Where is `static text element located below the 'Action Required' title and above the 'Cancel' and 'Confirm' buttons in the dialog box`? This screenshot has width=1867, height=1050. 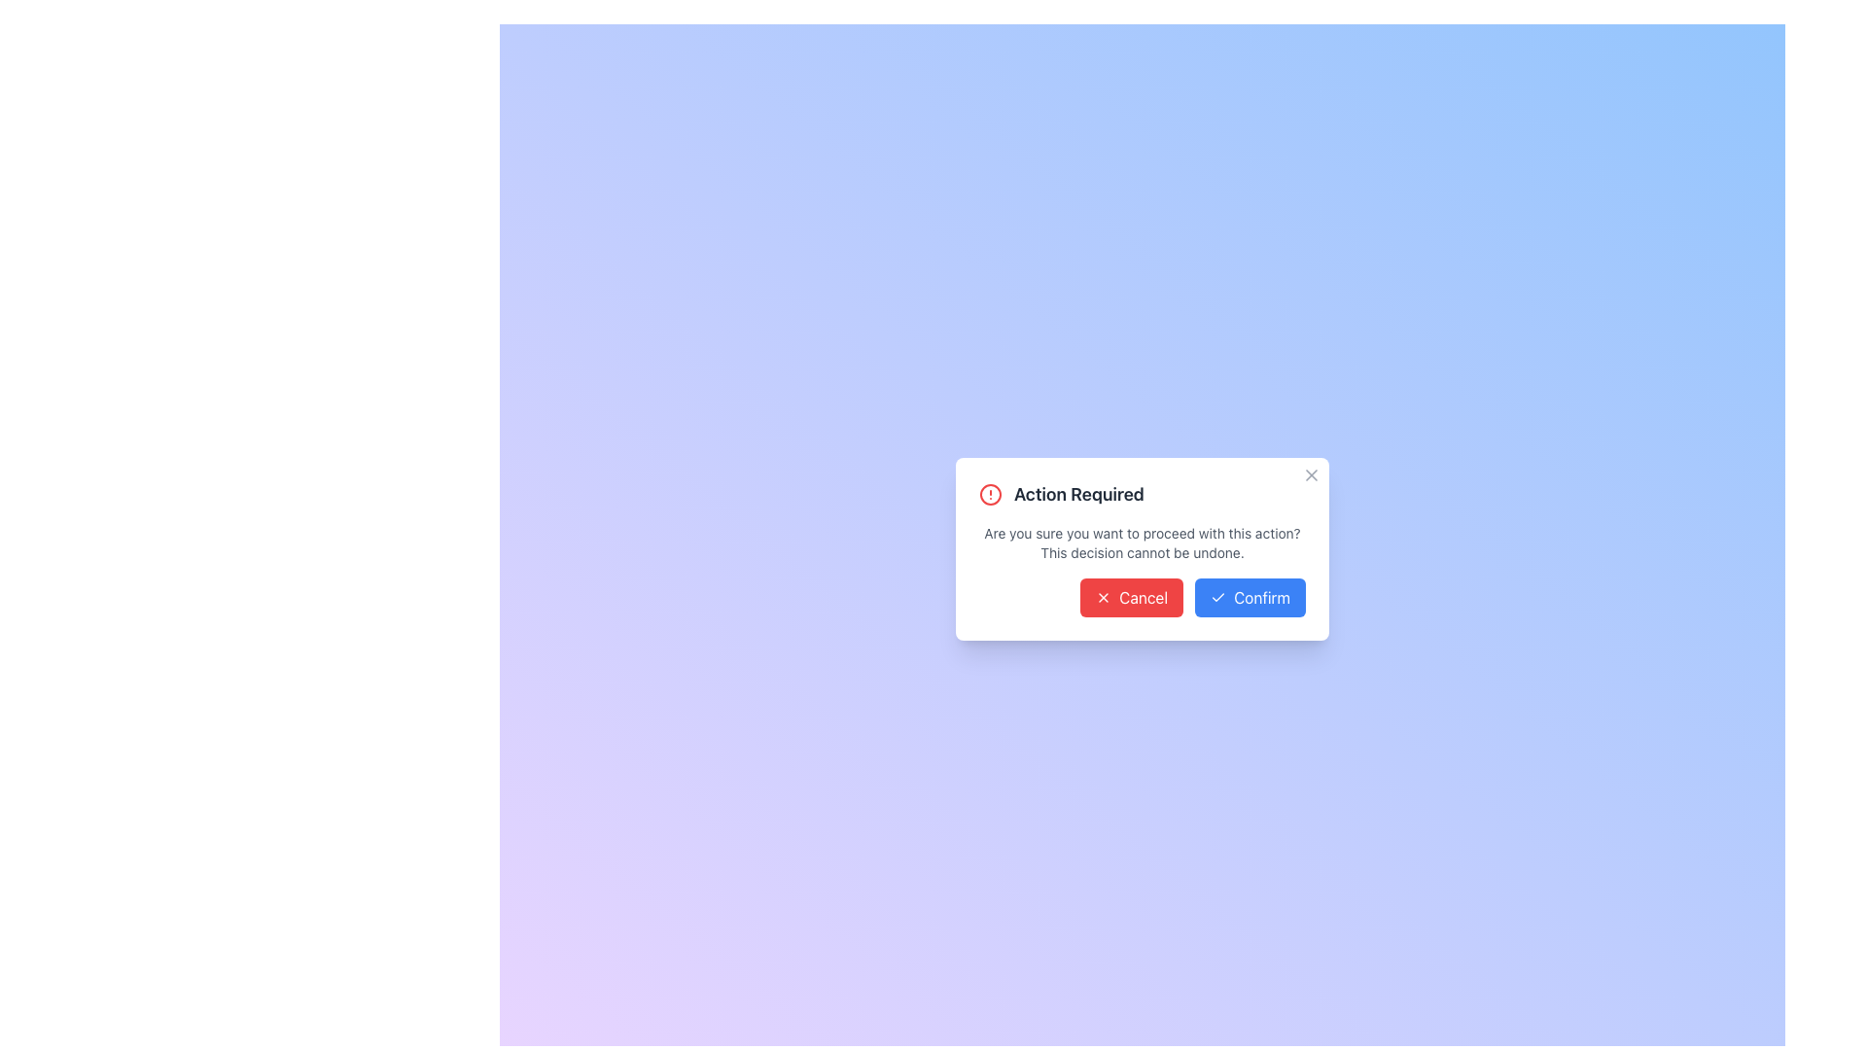 static text element located below the 'Action Required' title and above the 'Cancel' and 'Confirm' buttons in the dialog box is located at coordinates (1143, 543).